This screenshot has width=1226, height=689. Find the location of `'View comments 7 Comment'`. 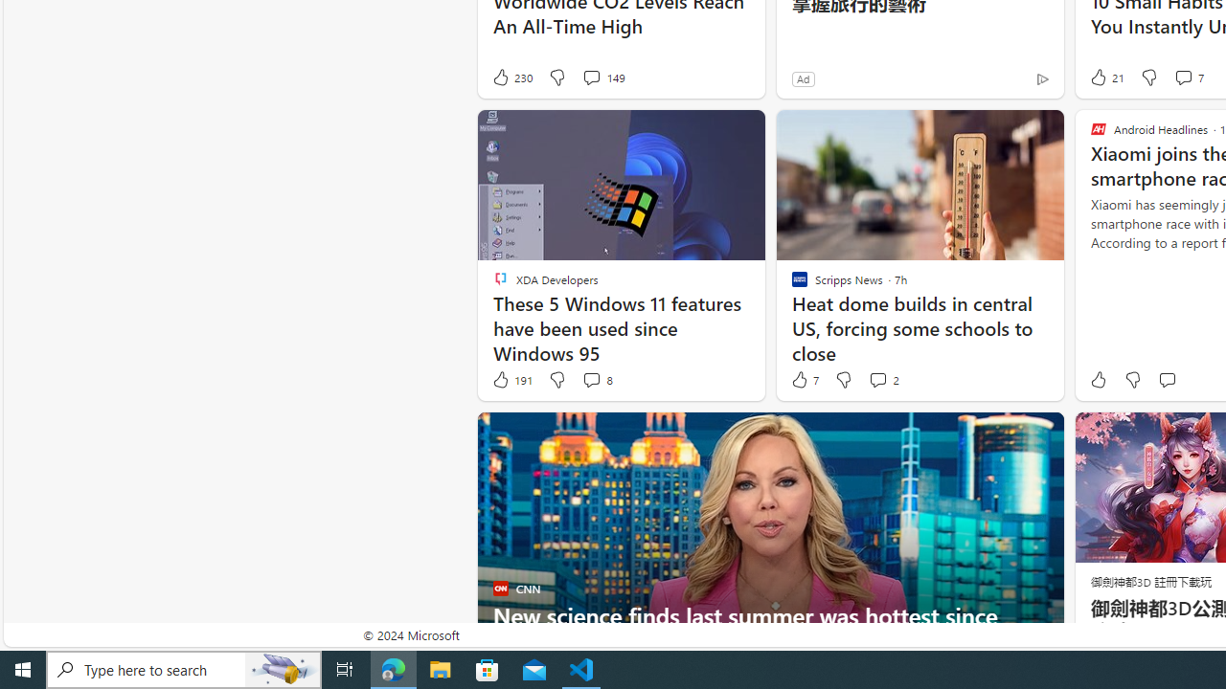

'View comments 7 Comment' is located at coordinates (1187, 77).